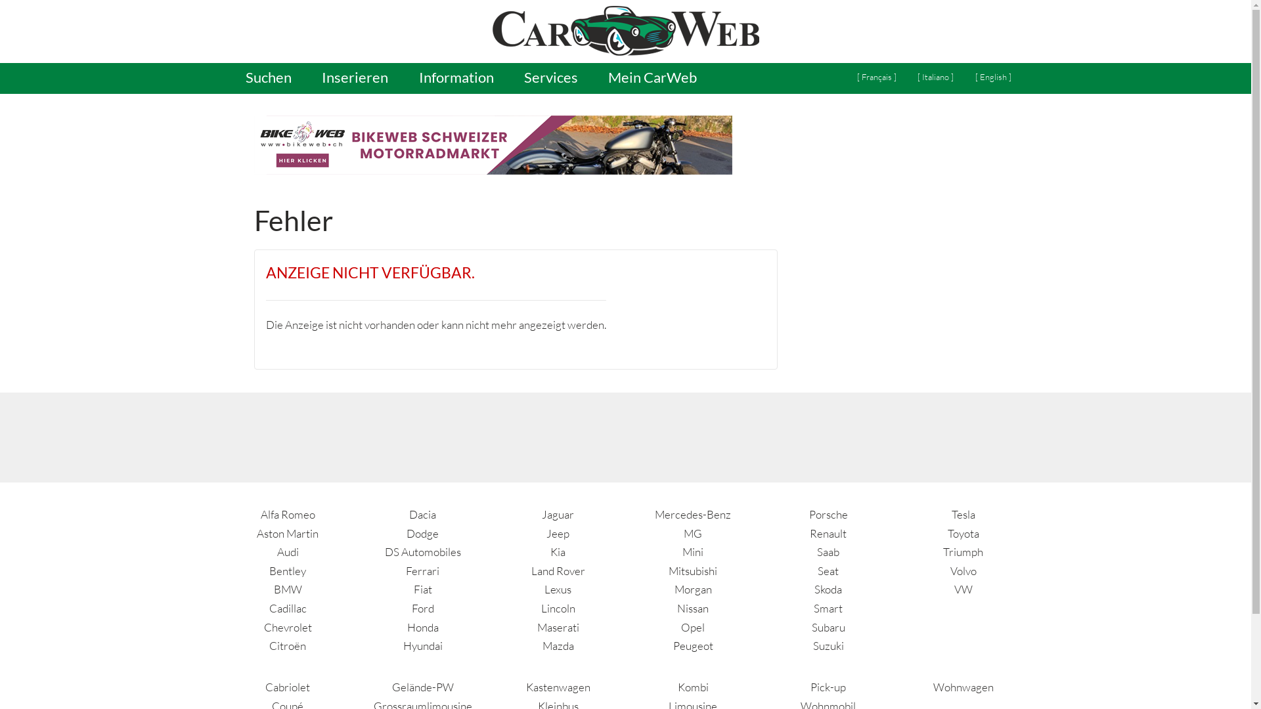  Describe the element at coordinates (422, 608) in the screenshot. I see `'Ford'` at that location.